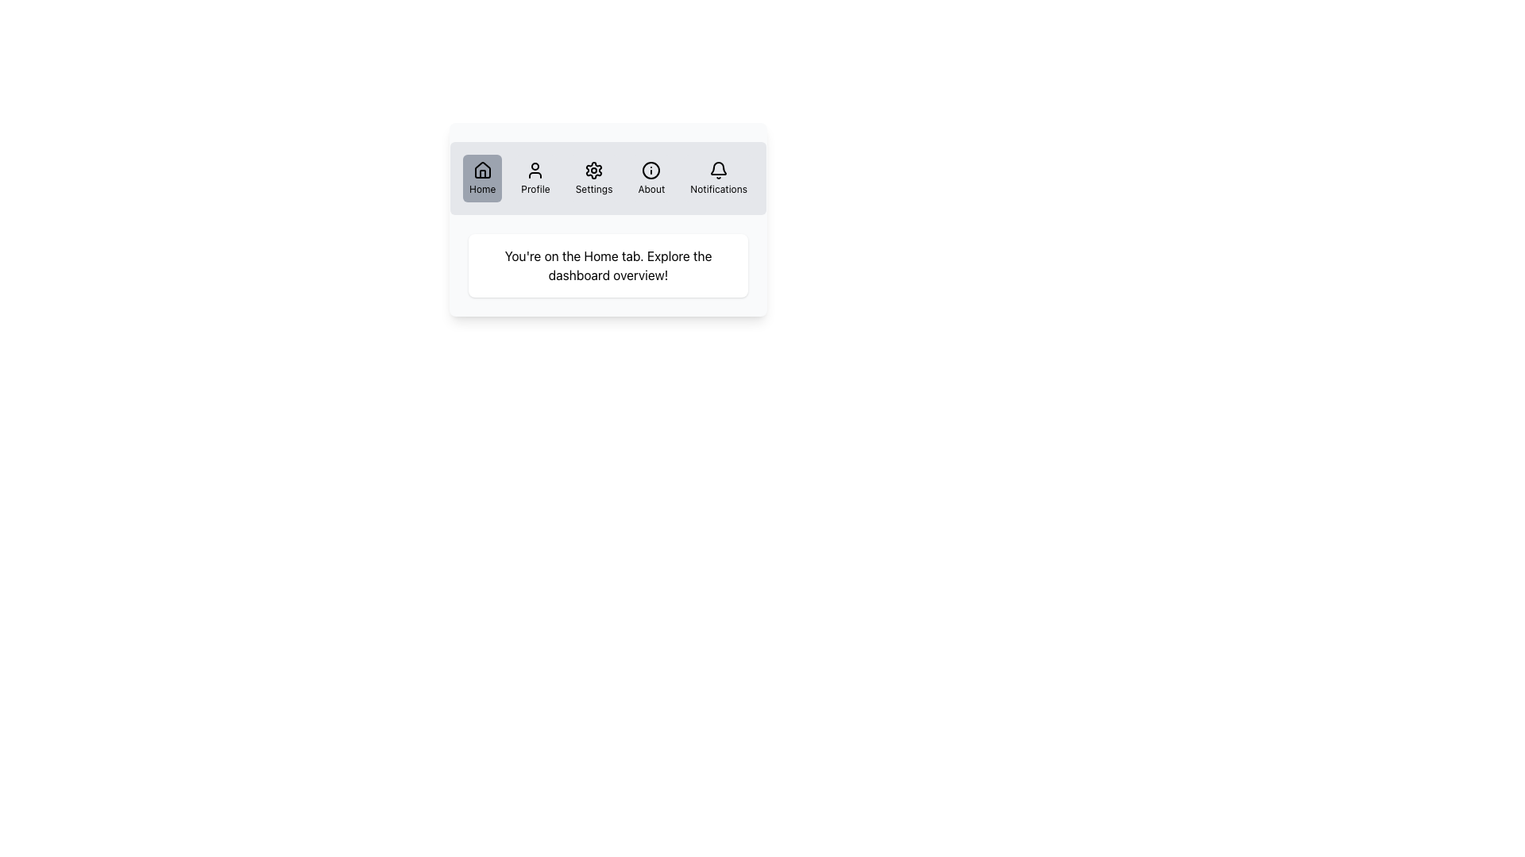 The image size is (1525, 857). Describe the element at coordinates (651, 171) in the screenshot. I see `the 'About' icon in the horizontal menu, which is represented by an SVG graphic located above the label 'About'` at that location.